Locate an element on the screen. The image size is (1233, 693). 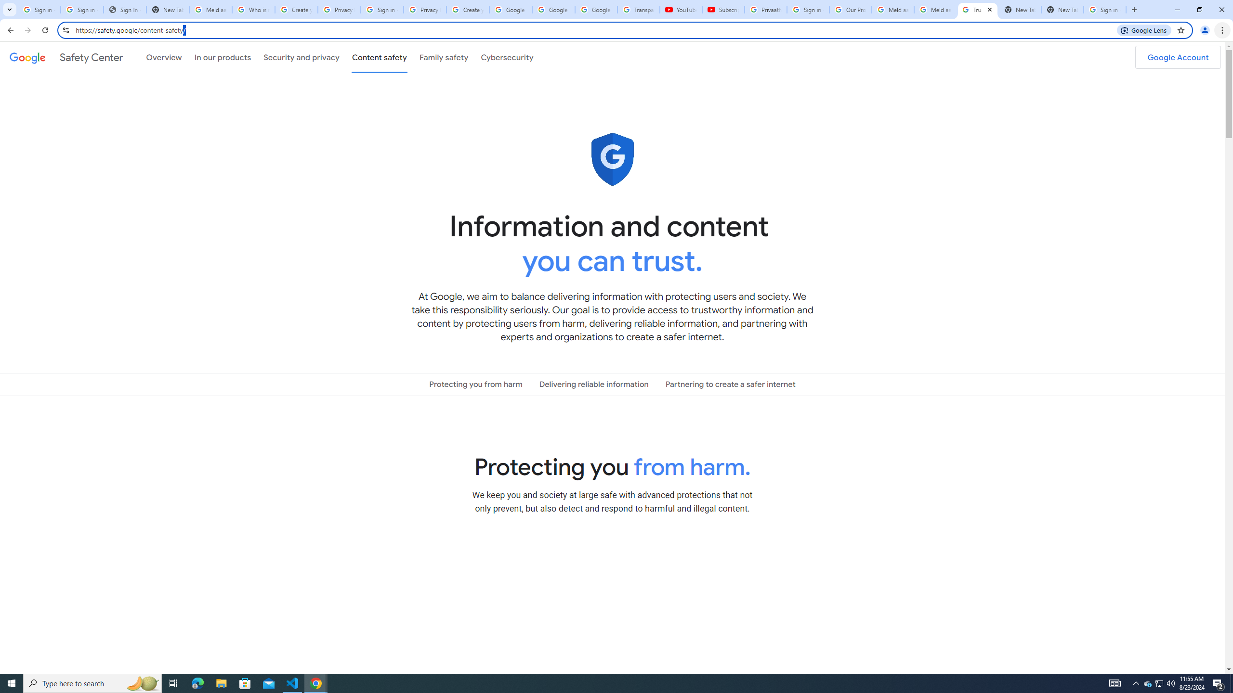
'Reload' is located at coordinates (45, 30).